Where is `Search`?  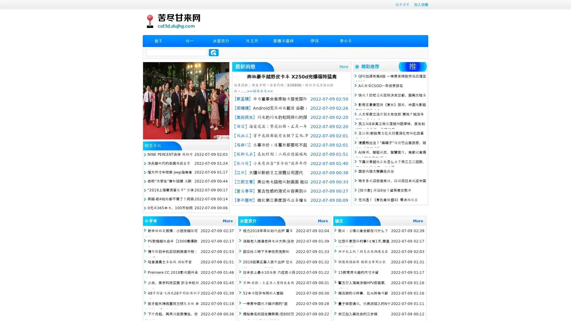 Search is located at coordinates (214, 52).